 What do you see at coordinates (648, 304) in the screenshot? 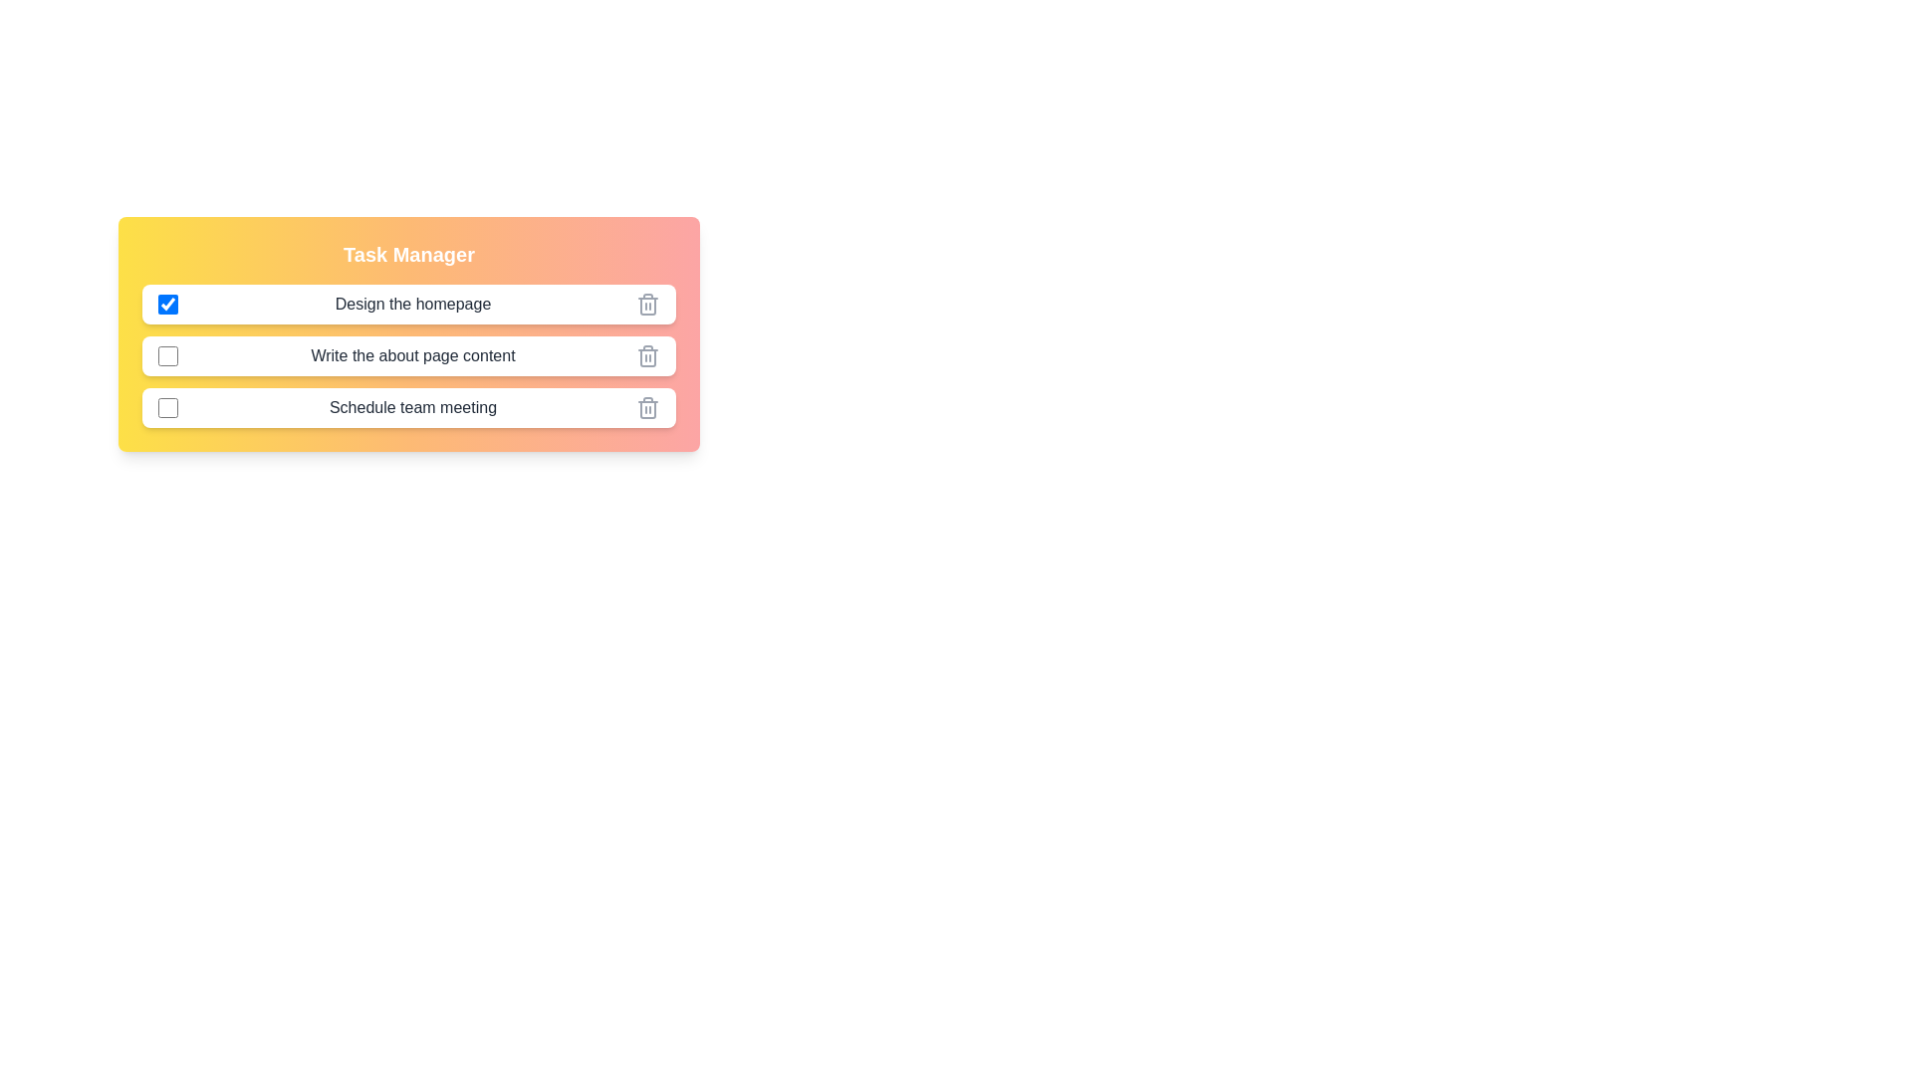
I see `the delete icon for the task titled 'Design the homepage'` at bounding box center [648, 304].